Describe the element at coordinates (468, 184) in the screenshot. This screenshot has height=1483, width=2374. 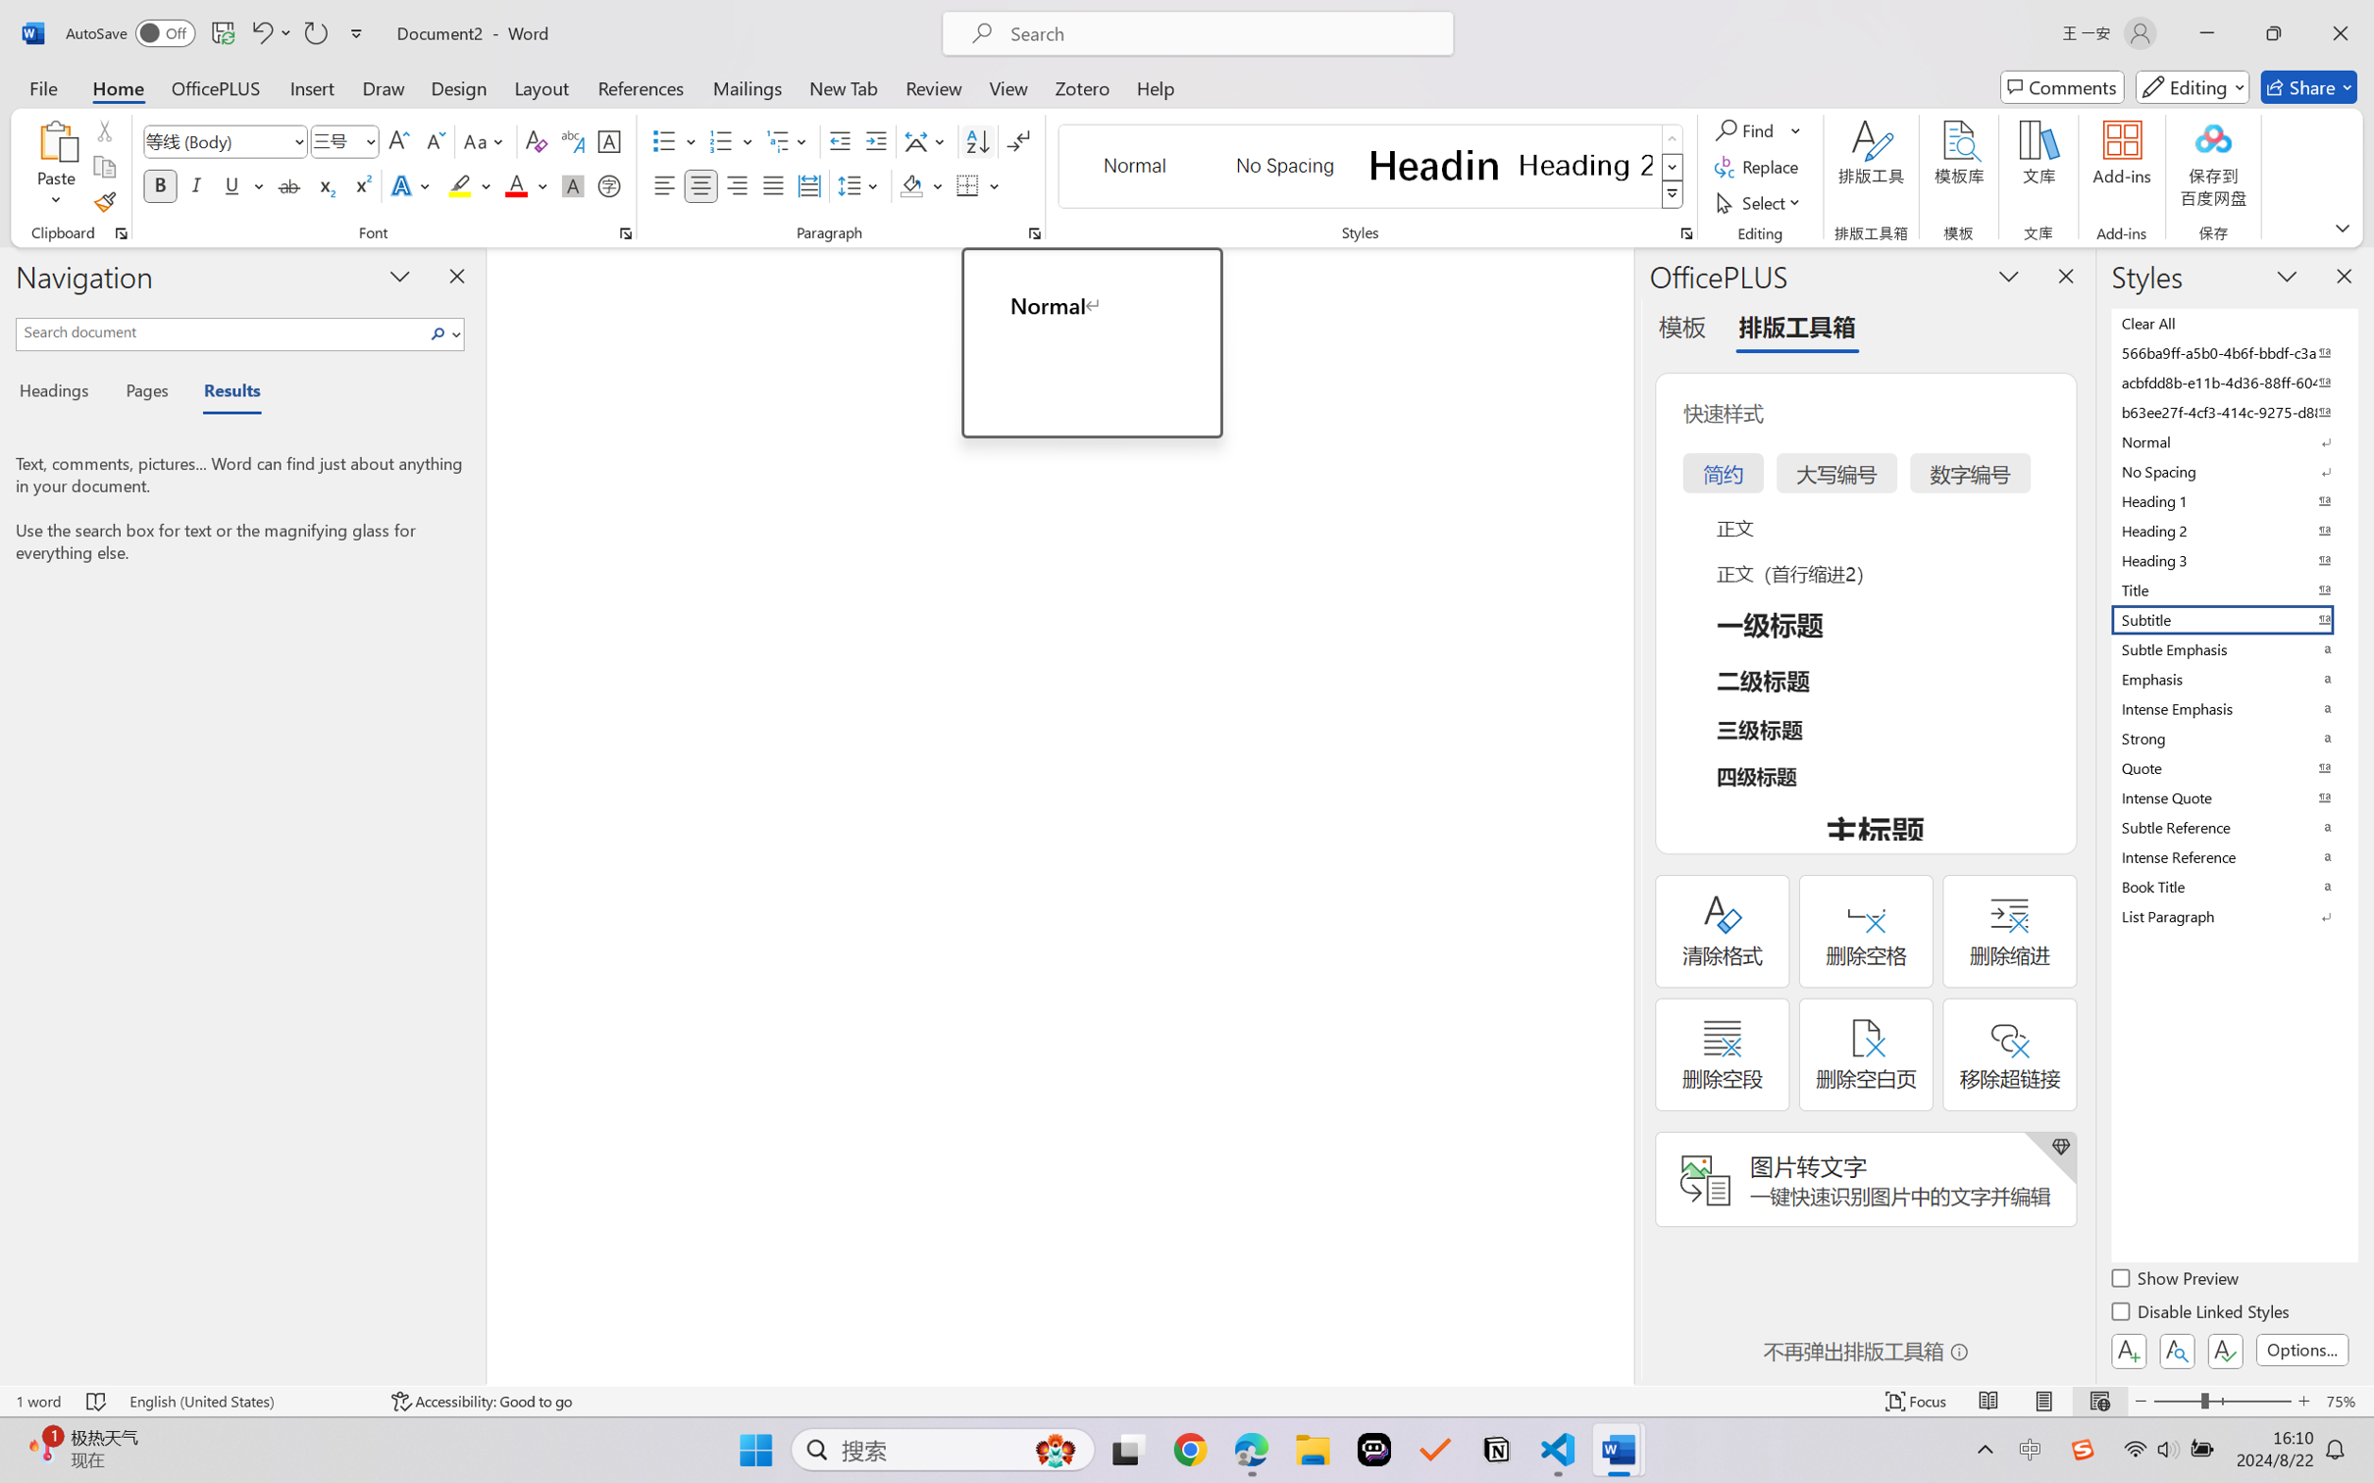
I see `'Text Highlight Color'` at that location.